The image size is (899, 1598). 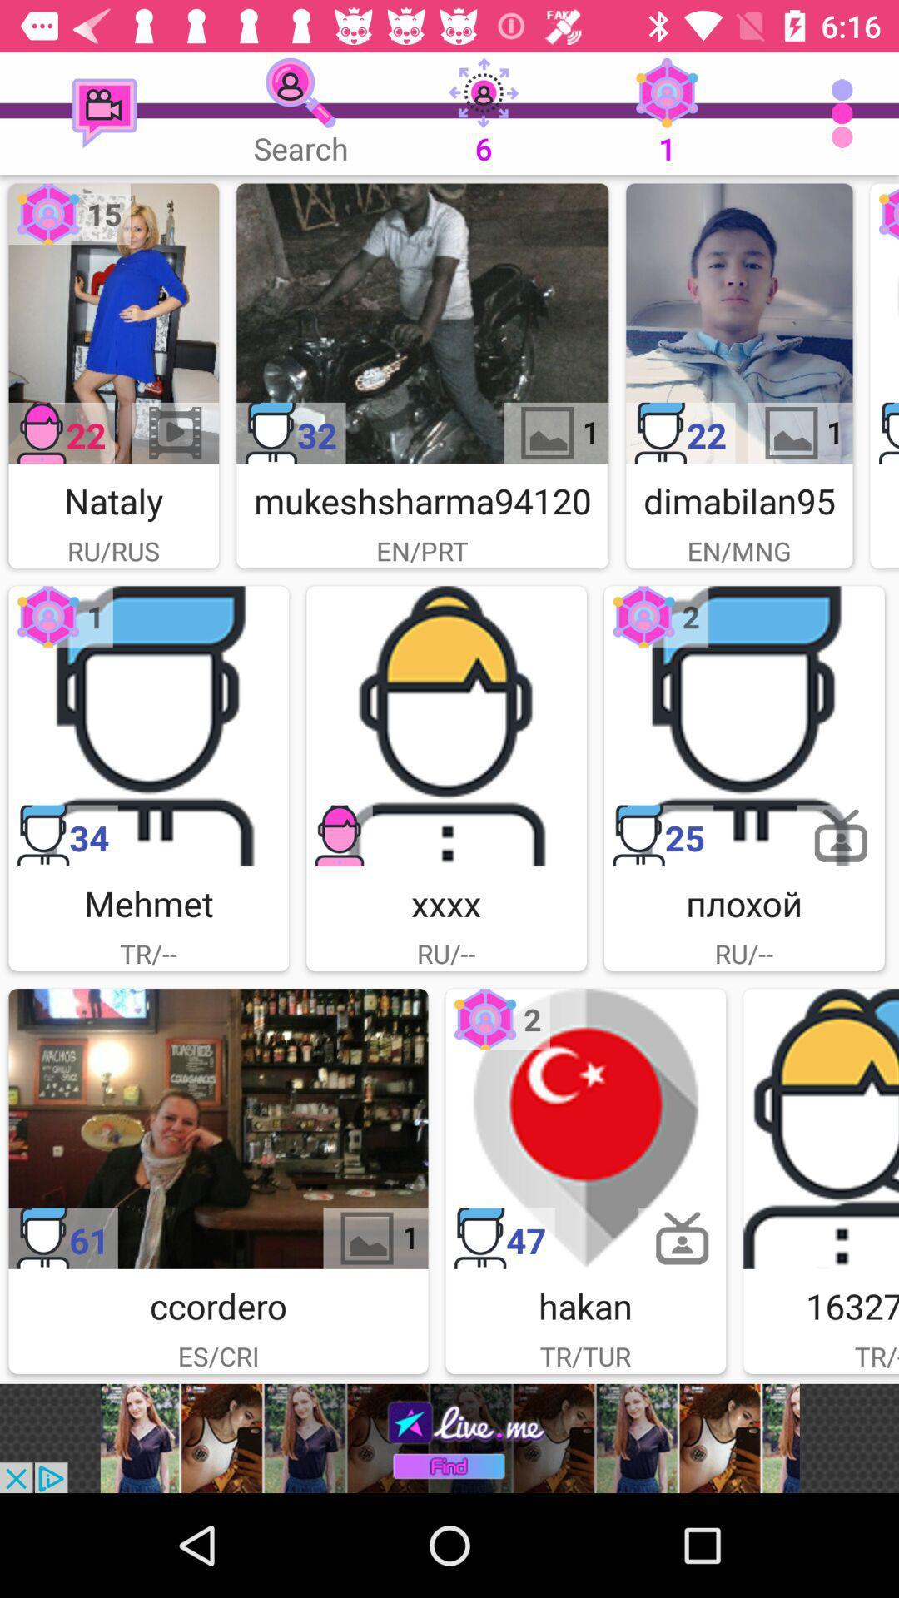 What do you see at coordinates (112, 323) in the screenshot?
I see `selection chioce` at bounding box center [112, 323].